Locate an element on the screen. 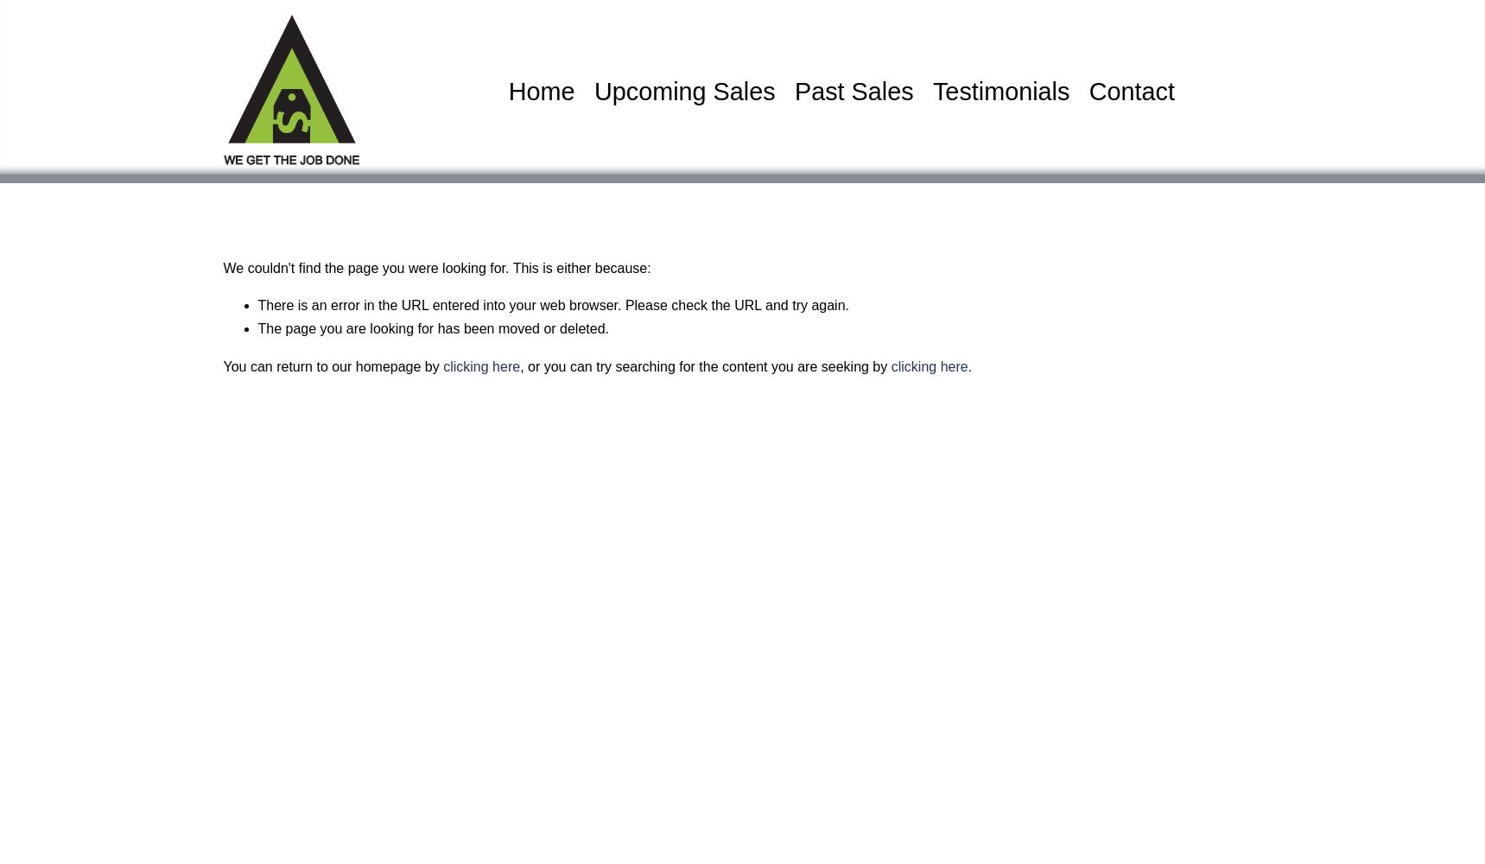 The height and width of the screenshot is (864, 1485). 'The page you are looking for has been moved or deleted.' is located at coordinates (257, 328).